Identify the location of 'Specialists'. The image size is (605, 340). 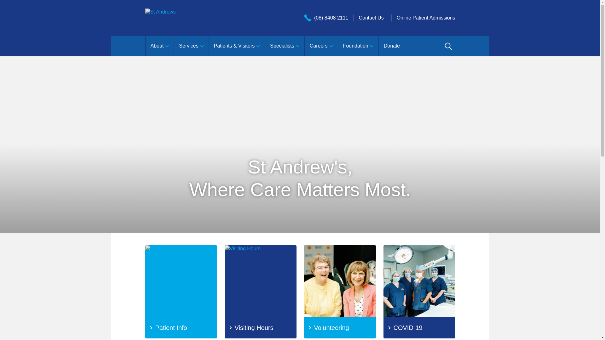
(284, 46).